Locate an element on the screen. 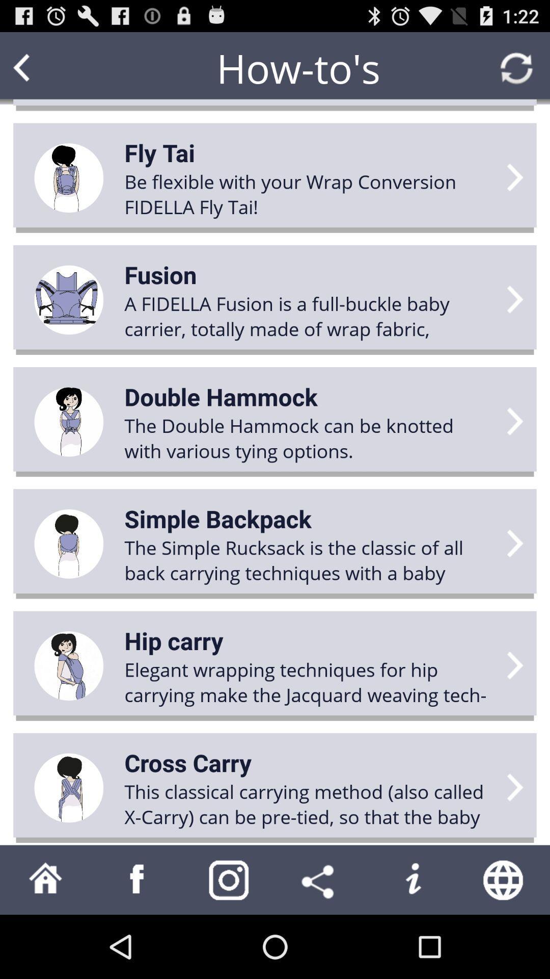 This screenshot has width=550, height=979. the simple backpack item is located at coordinates (217, 519).